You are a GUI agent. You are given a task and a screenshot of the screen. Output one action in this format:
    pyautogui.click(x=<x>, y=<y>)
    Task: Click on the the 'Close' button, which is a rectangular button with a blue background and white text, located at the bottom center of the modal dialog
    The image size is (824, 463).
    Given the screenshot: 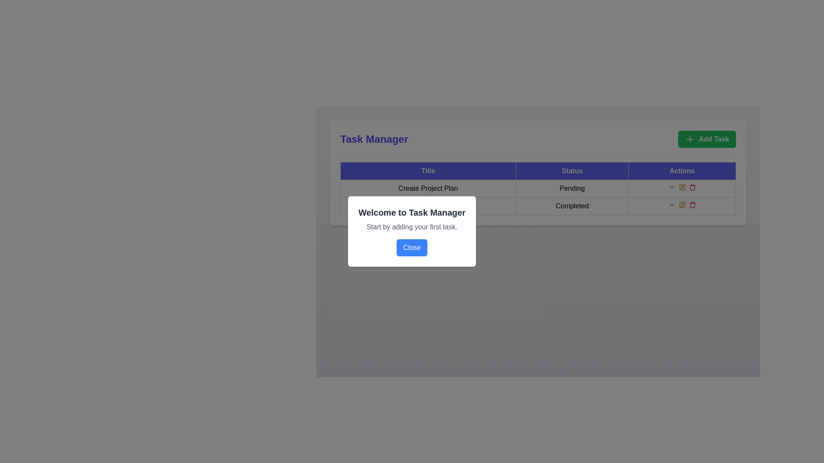 What is the action you would take?
    pyautogui.click(x=412, y=248)
    